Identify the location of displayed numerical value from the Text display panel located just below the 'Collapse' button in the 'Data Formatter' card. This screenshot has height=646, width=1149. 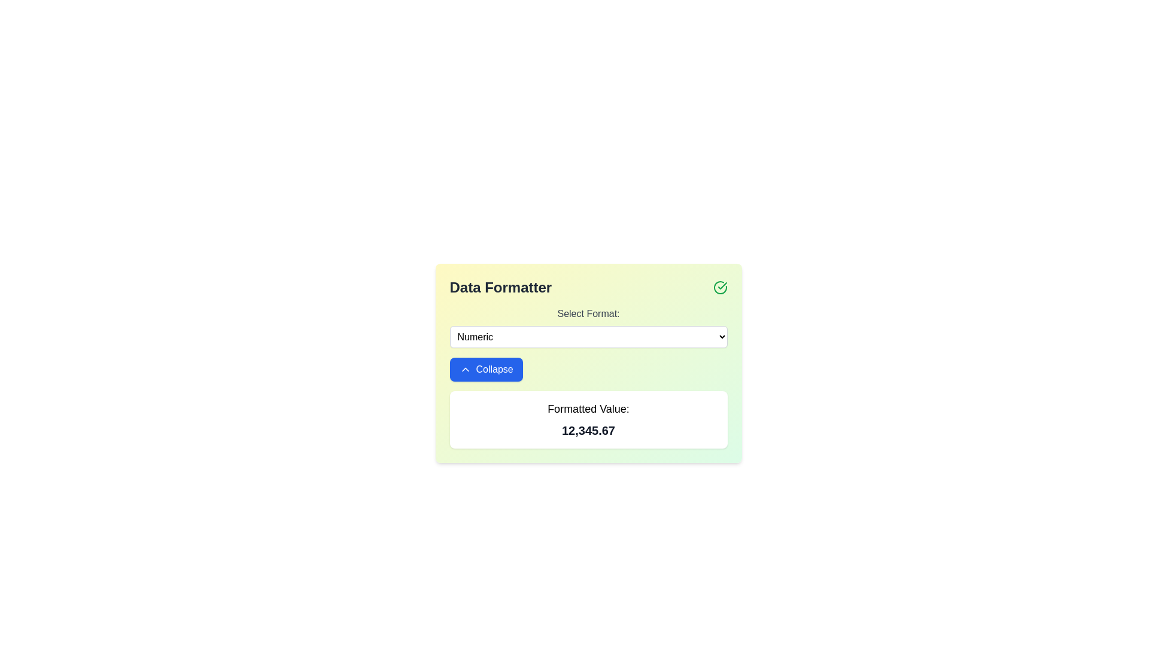
(588, 419).